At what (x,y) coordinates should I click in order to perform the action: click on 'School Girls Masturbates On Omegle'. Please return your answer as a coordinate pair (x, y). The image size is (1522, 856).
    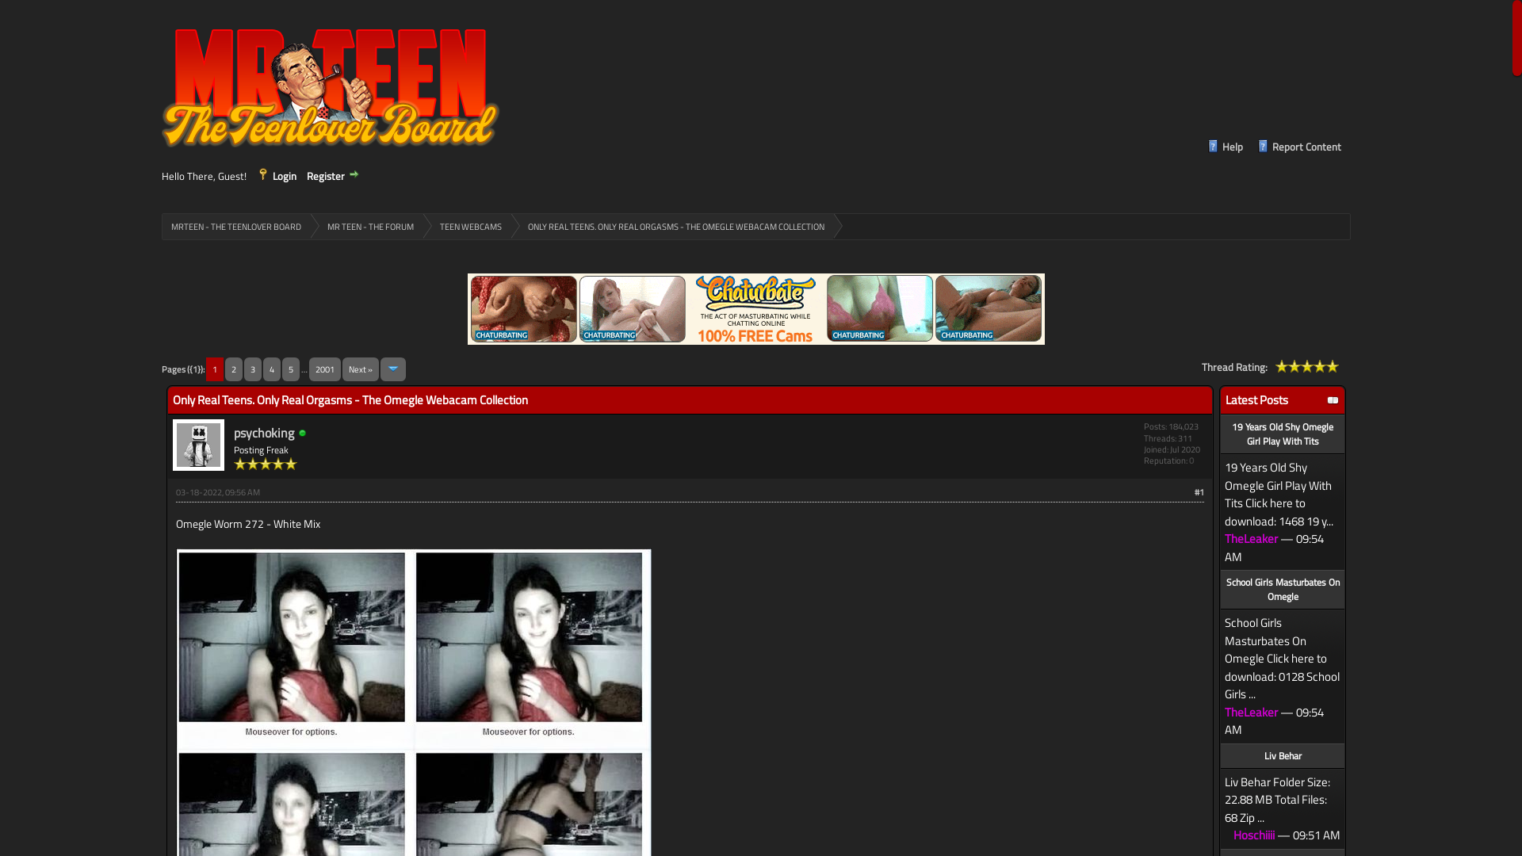
    Looking at the image, I should click on (1282, 589).